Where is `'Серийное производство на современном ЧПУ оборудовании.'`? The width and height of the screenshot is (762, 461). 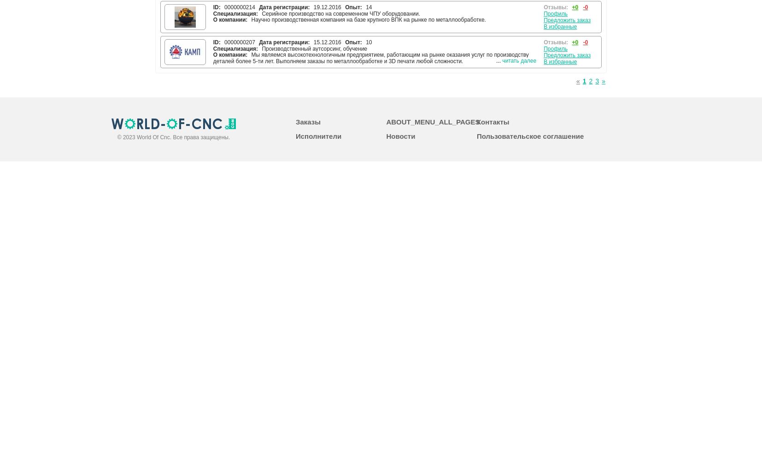 'Серийное производство на современном ЧПУ оборудовании.' is located at coordinates (340, 13).